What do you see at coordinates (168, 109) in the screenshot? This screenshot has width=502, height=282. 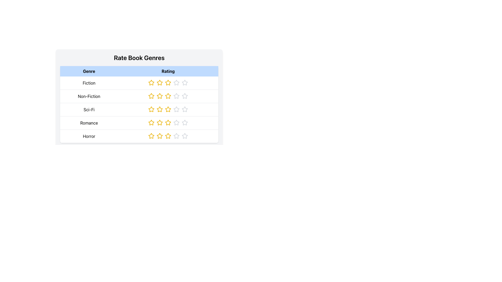 I see `the third star icon in the 'Sci-Fi' rating section to adjust the rating` at bounding box center [168, 109].